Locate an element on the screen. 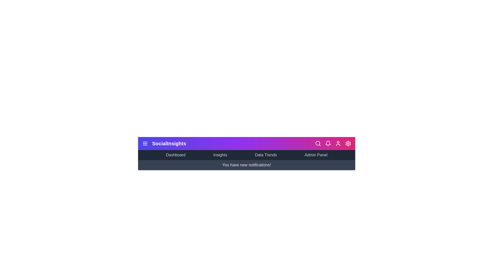  the menu item Data Trends to see the hover effect is located at coordinates (266, 155).